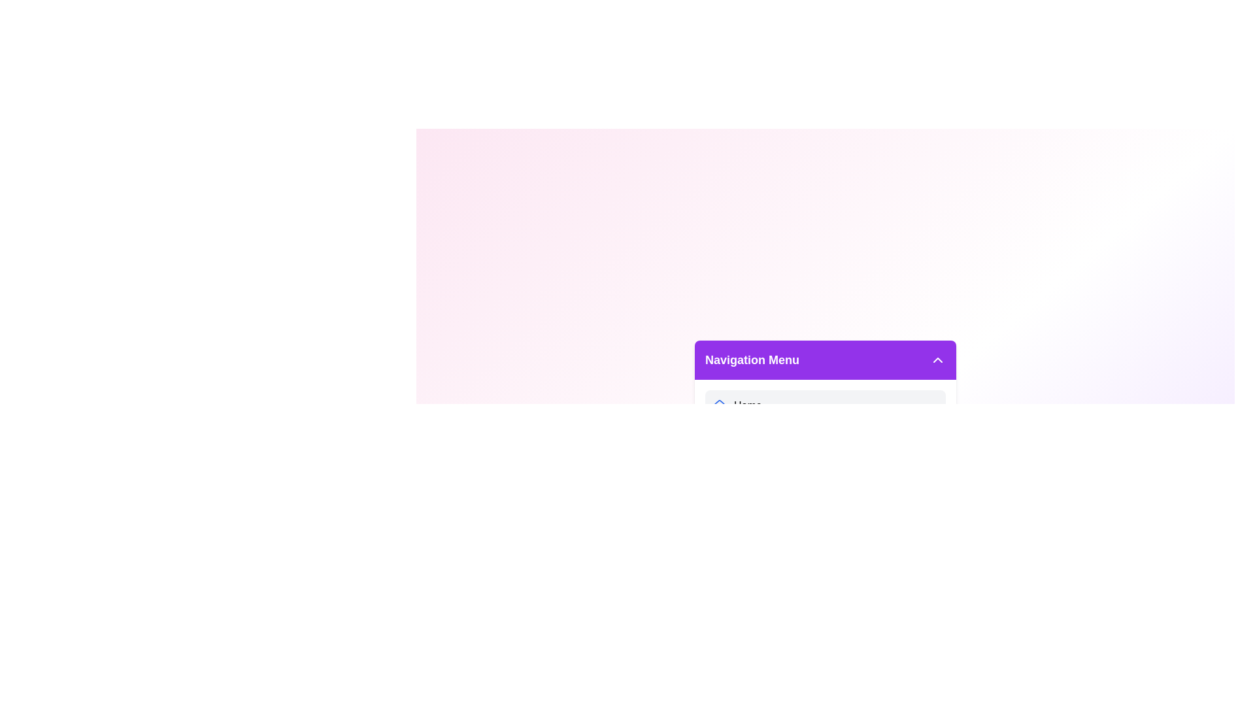 Image resolution: width=1255 pixels, height=706 pixels. What do you see at coordinates (718, 405) in the screenshot?
I see `the 'Home' icon located in the navigation menu` at bounding box center [718, 405].